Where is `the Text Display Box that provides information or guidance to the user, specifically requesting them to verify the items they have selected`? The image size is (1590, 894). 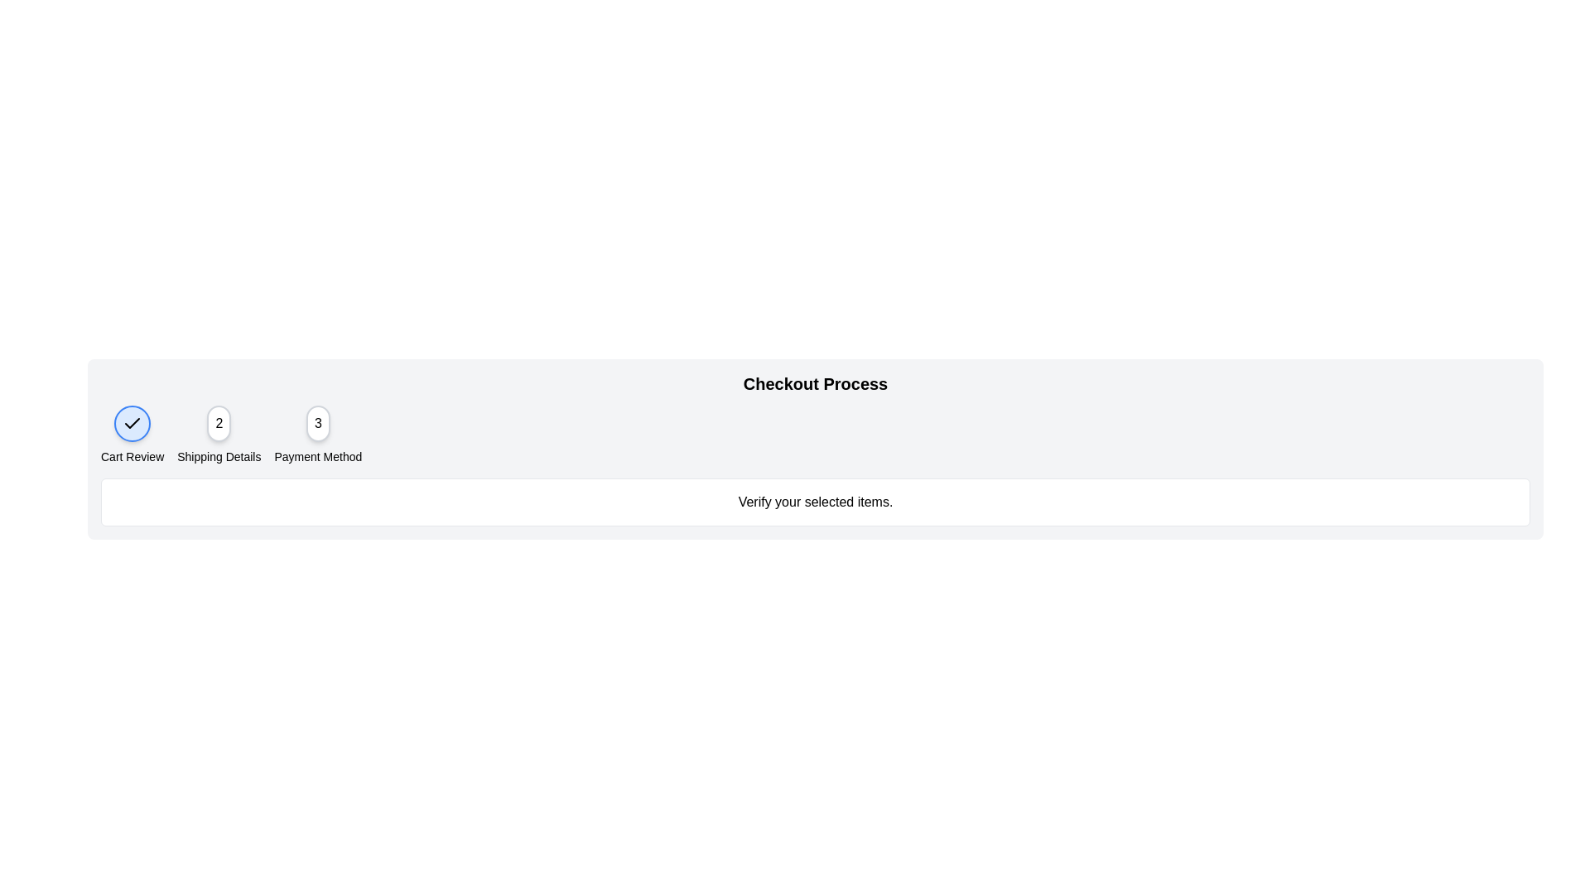 the Text Display Box that provides information or guidance to the user, specifically requesting them to verify the items they have selected is located at coordinates (815, 501).